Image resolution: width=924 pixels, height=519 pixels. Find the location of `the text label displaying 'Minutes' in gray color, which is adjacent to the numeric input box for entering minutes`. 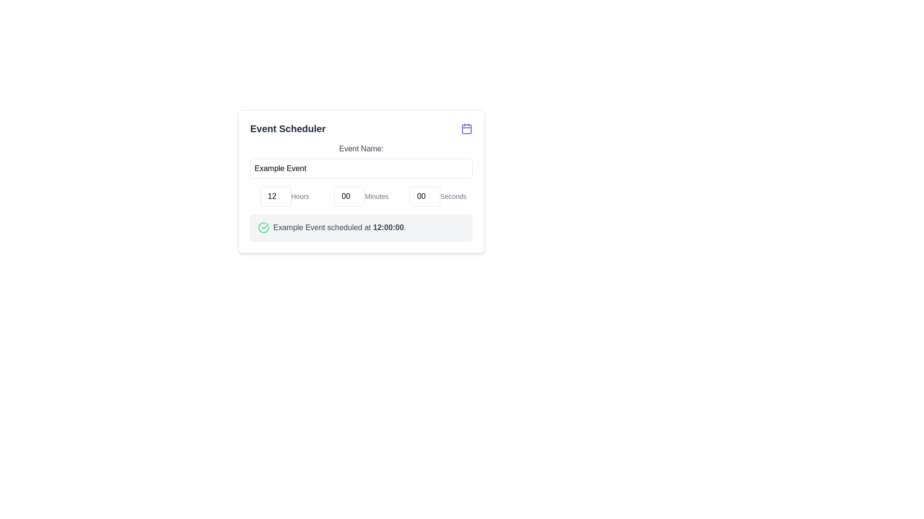

the text label displaying 'Minutes' in gray color, which is adjacent to the numeric input box for entering minutes is located at coordinates (376, 196).